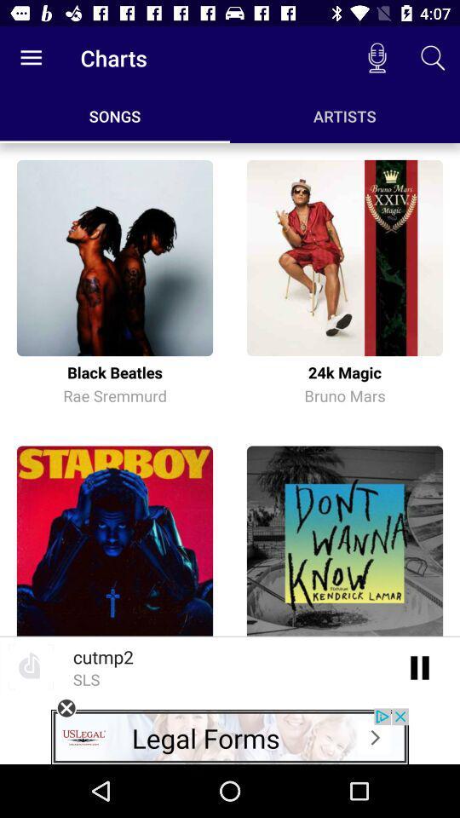 Image resolution: width=460 pixels, height=818 pixels. I want to click on the close icon, so click(66, 708).